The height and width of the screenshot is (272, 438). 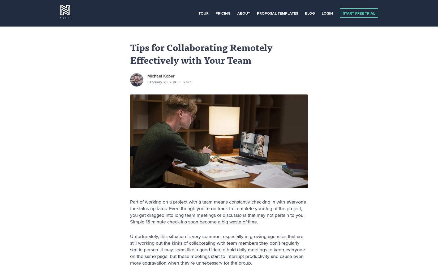 What do you see at coordinates (130, 211) in the screenshot?
I see `'Part of working on a project with a team means constantly checking in with everyone for status updates. Even though you’re on track to complete your leg of the project, you get dragged into long team meetings or discussions that may not pertain to you. Simple 15 minute check-ins soon become a big waste of time.'` at bounding box center [130, 211].